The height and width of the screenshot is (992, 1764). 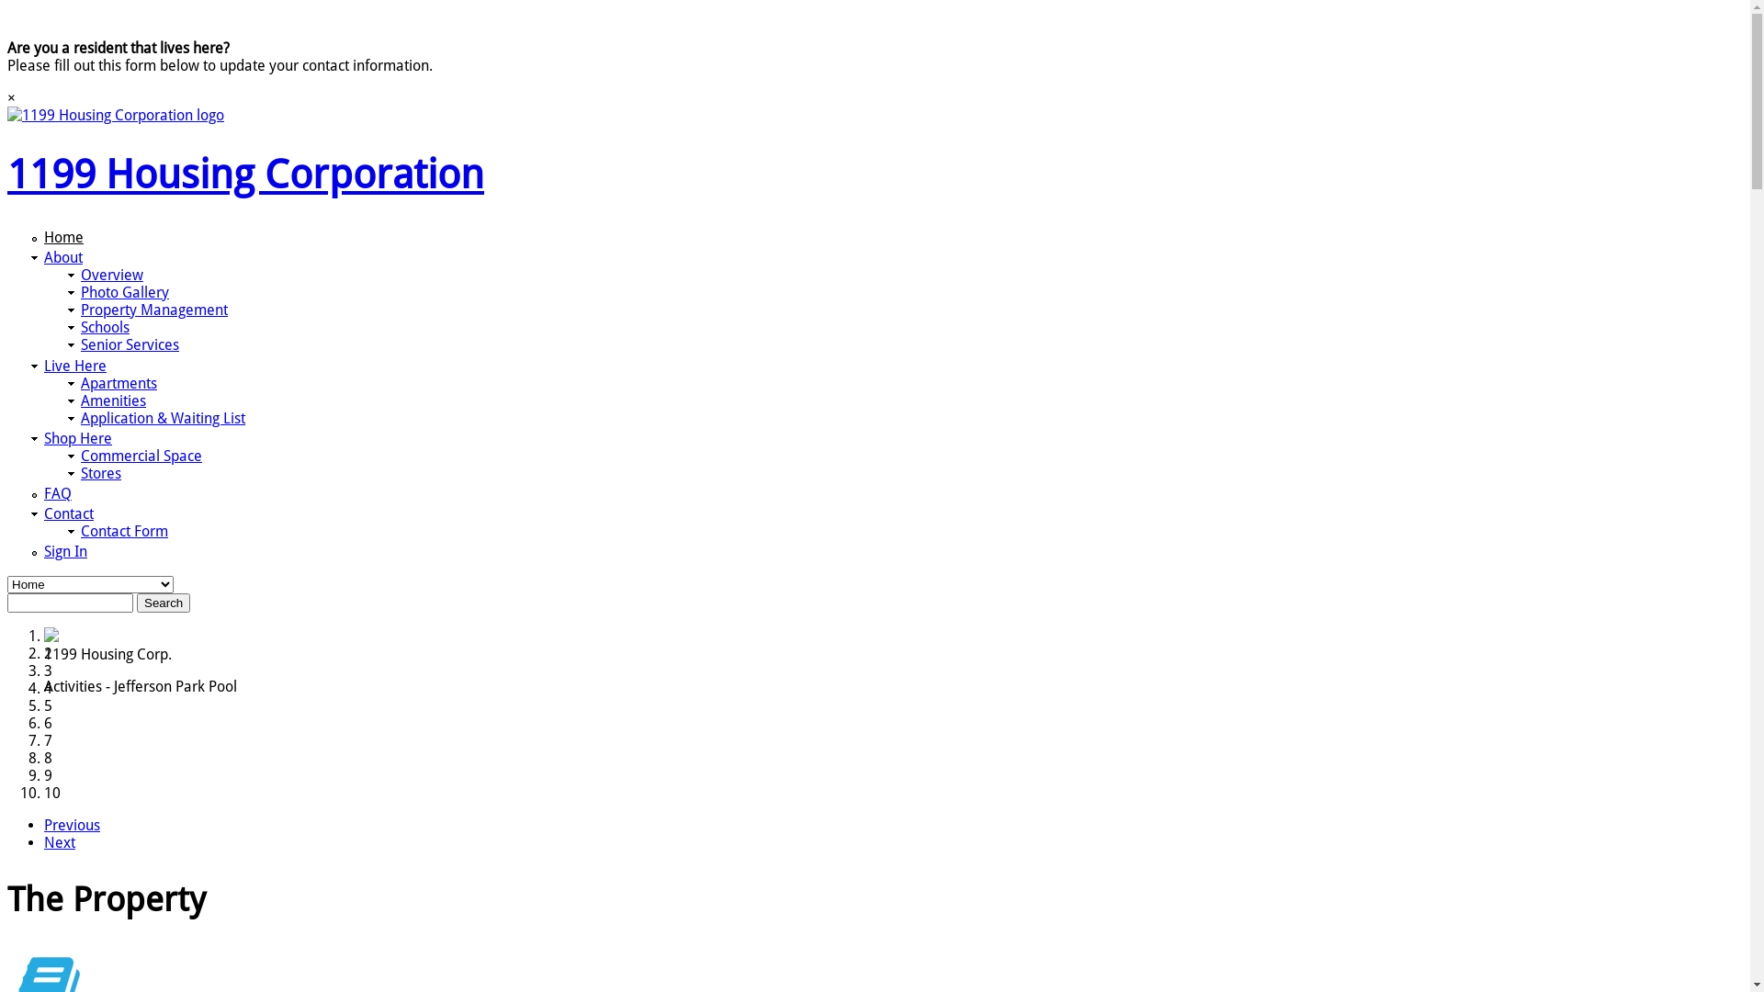 I want to click on '8', so click(x=48, y=758).